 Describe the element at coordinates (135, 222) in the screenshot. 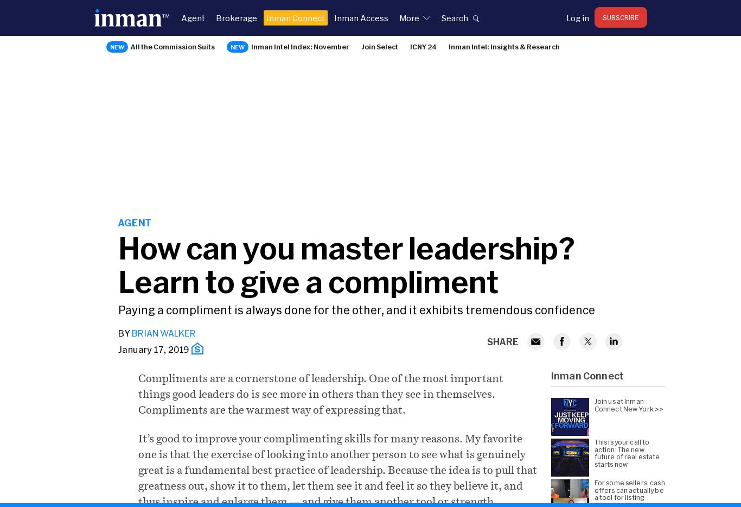

I see `'Agent'` at that location.